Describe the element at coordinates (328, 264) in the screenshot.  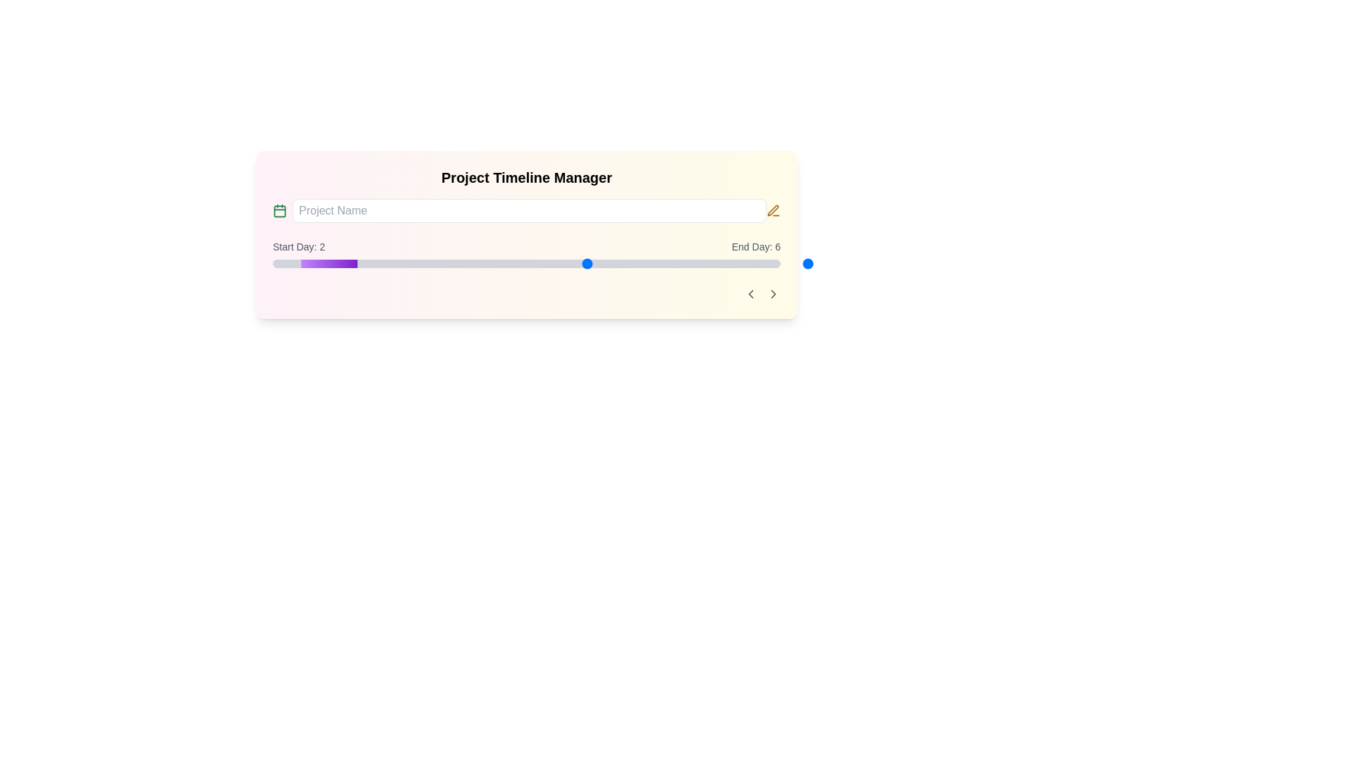
I see `the purple to violet gradient segment of the progress bar located towards the left end of the larger gray progress bar` at that location.